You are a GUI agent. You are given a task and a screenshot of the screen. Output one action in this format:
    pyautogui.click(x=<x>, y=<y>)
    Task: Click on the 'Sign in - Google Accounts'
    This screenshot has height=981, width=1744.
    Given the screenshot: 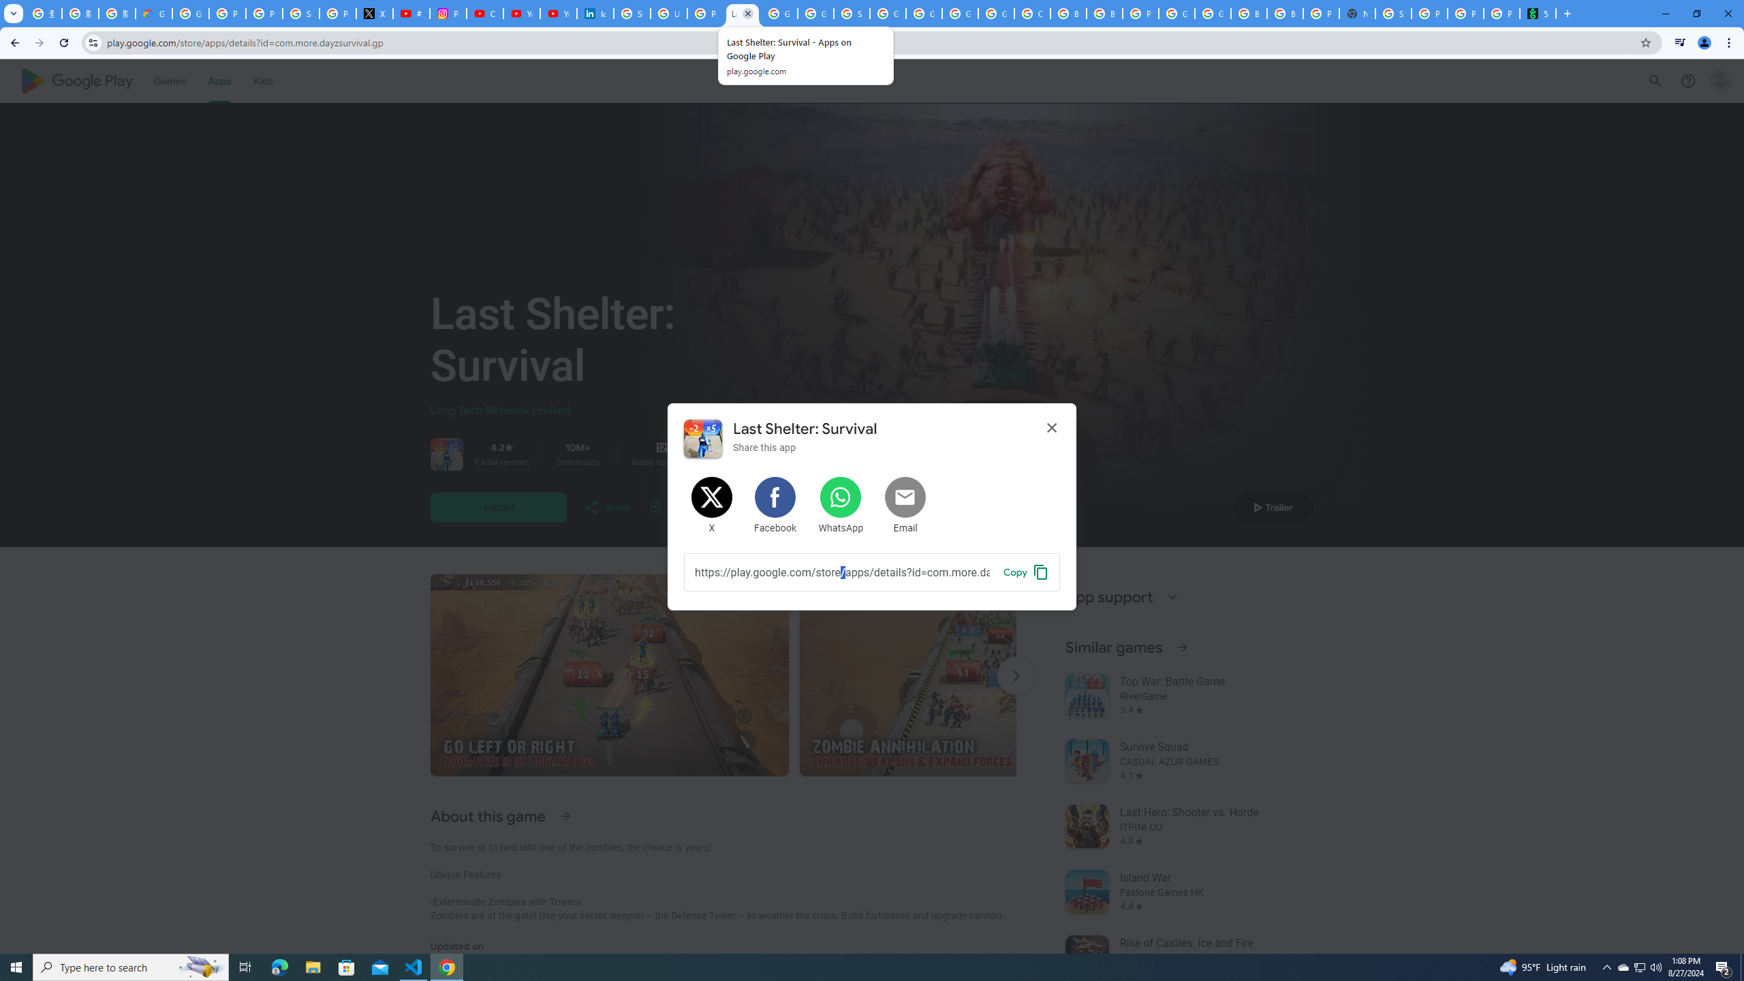 What is the action you would take?
    pyautogui.click(x=632, y=13)
    